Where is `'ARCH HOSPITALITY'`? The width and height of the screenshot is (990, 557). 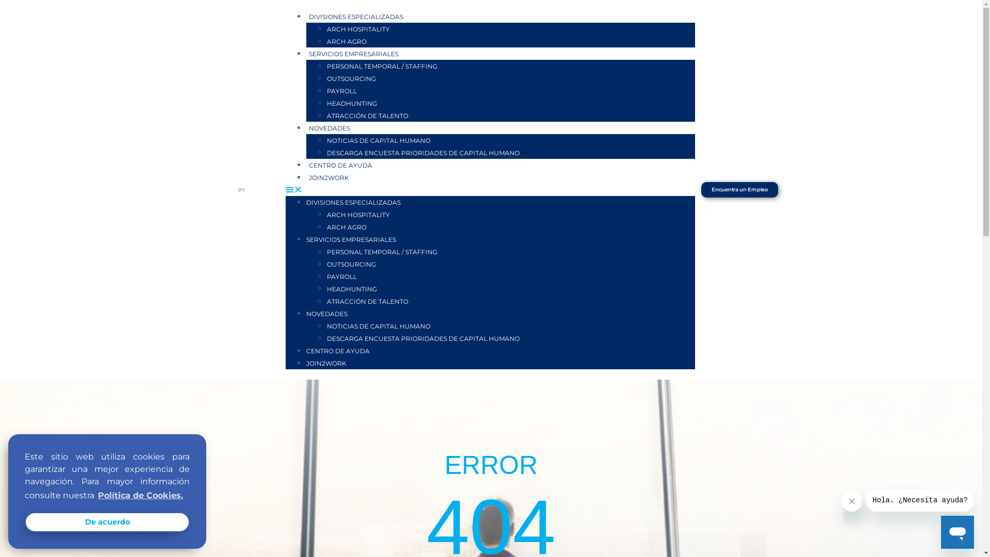
'ARCH HOSPITALITY' is located at coordinates (358, 214).